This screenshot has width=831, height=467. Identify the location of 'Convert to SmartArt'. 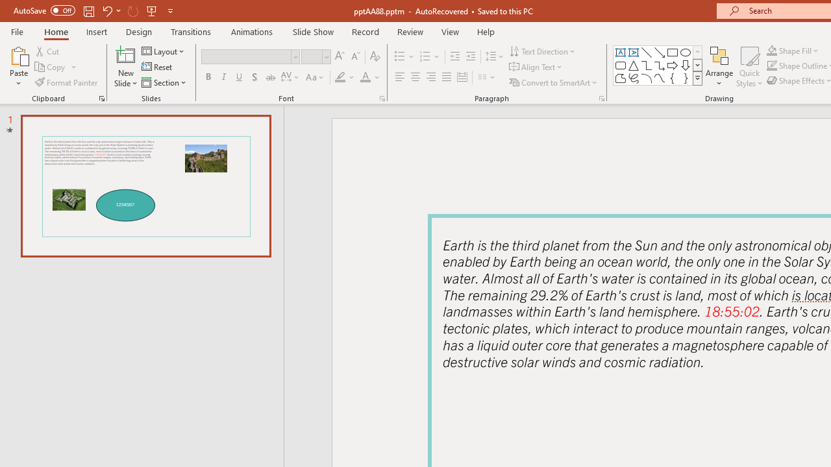
(554, 82).